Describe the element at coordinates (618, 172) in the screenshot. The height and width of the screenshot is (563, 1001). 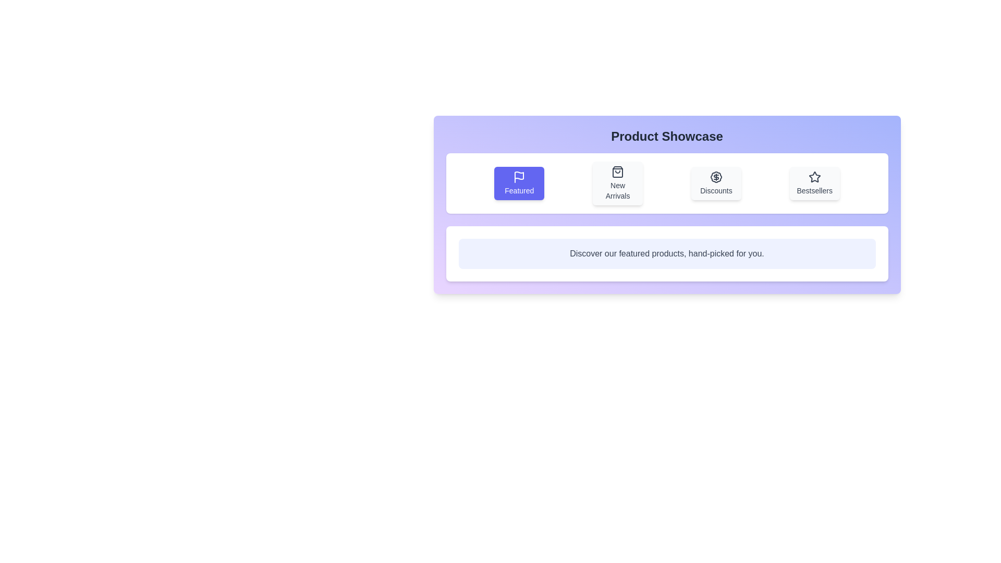
I see `the 'New Arrivals' icon located in the center top part of the second UI box` at that location.